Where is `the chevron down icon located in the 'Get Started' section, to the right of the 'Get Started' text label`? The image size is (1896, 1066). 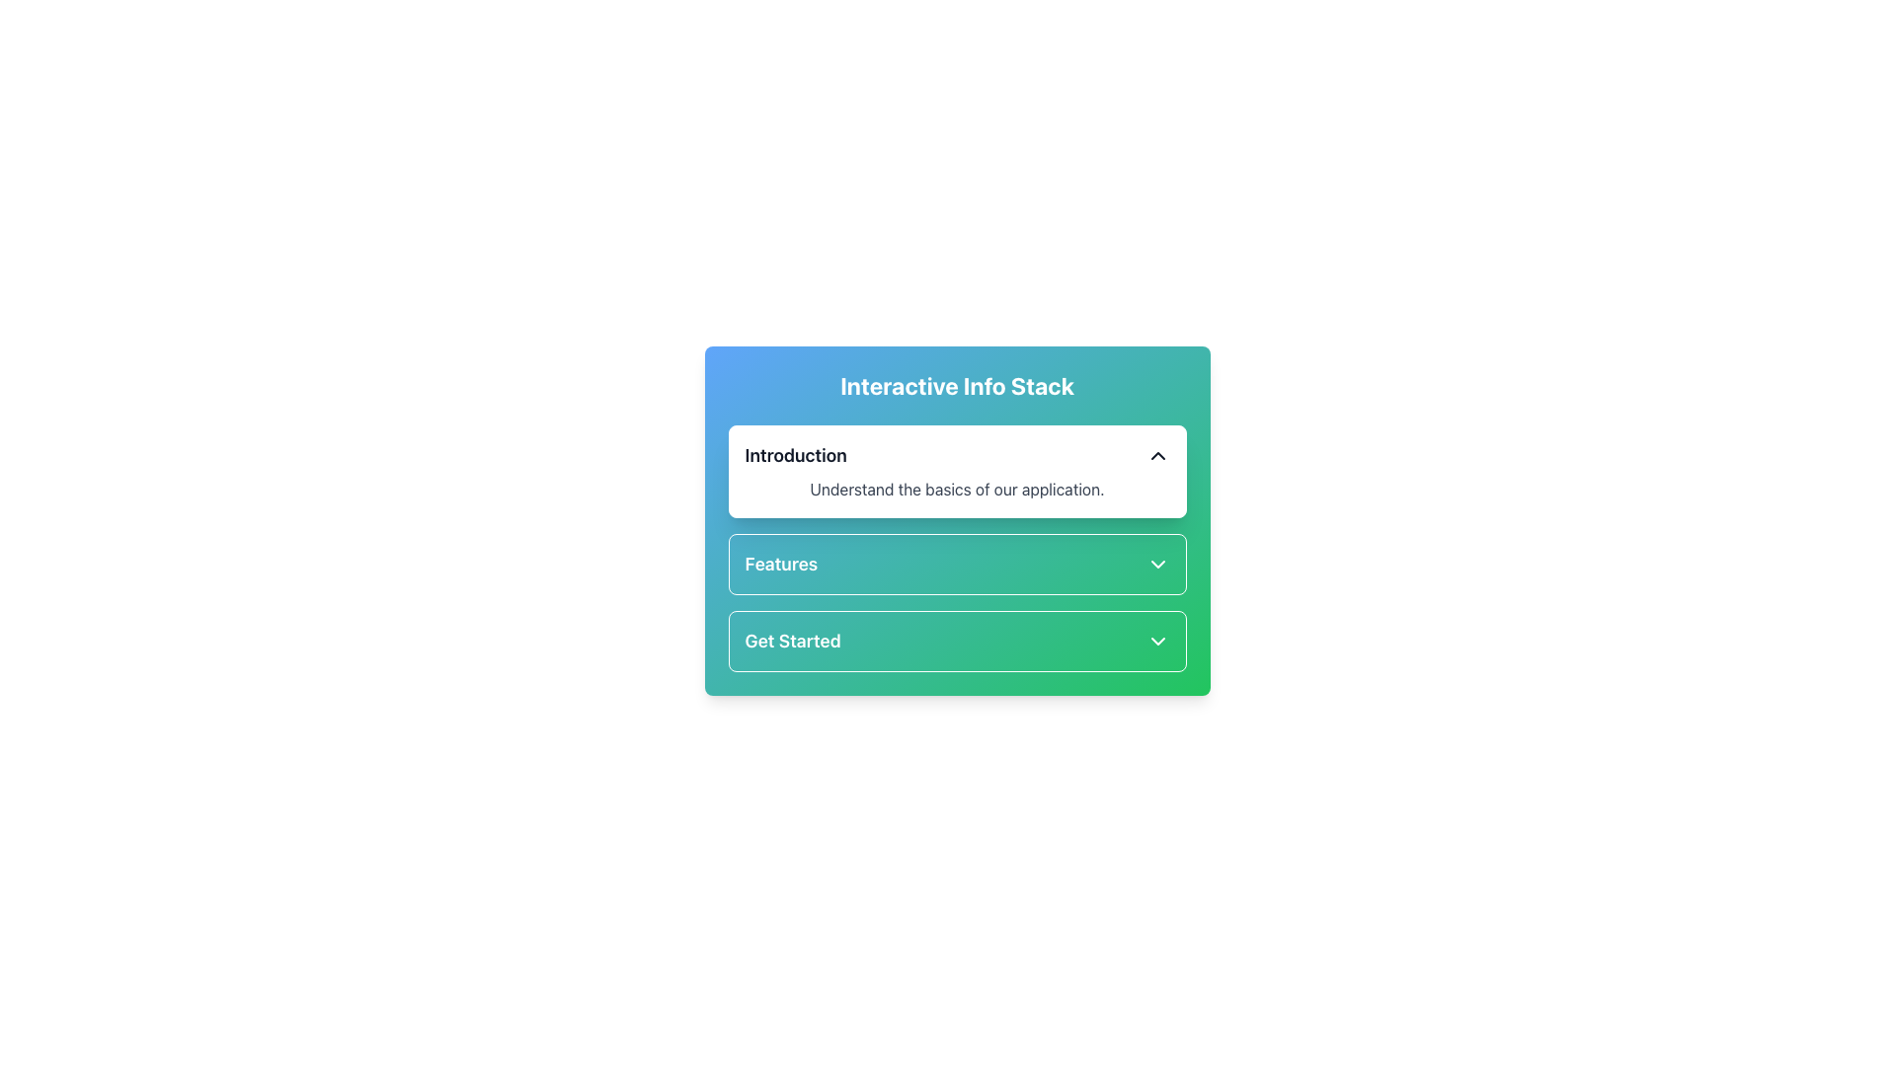 the chevron down icon located in the 'Get Started' section, to the right of the 'Get Started' text label is located at coordinates (1157, 642).